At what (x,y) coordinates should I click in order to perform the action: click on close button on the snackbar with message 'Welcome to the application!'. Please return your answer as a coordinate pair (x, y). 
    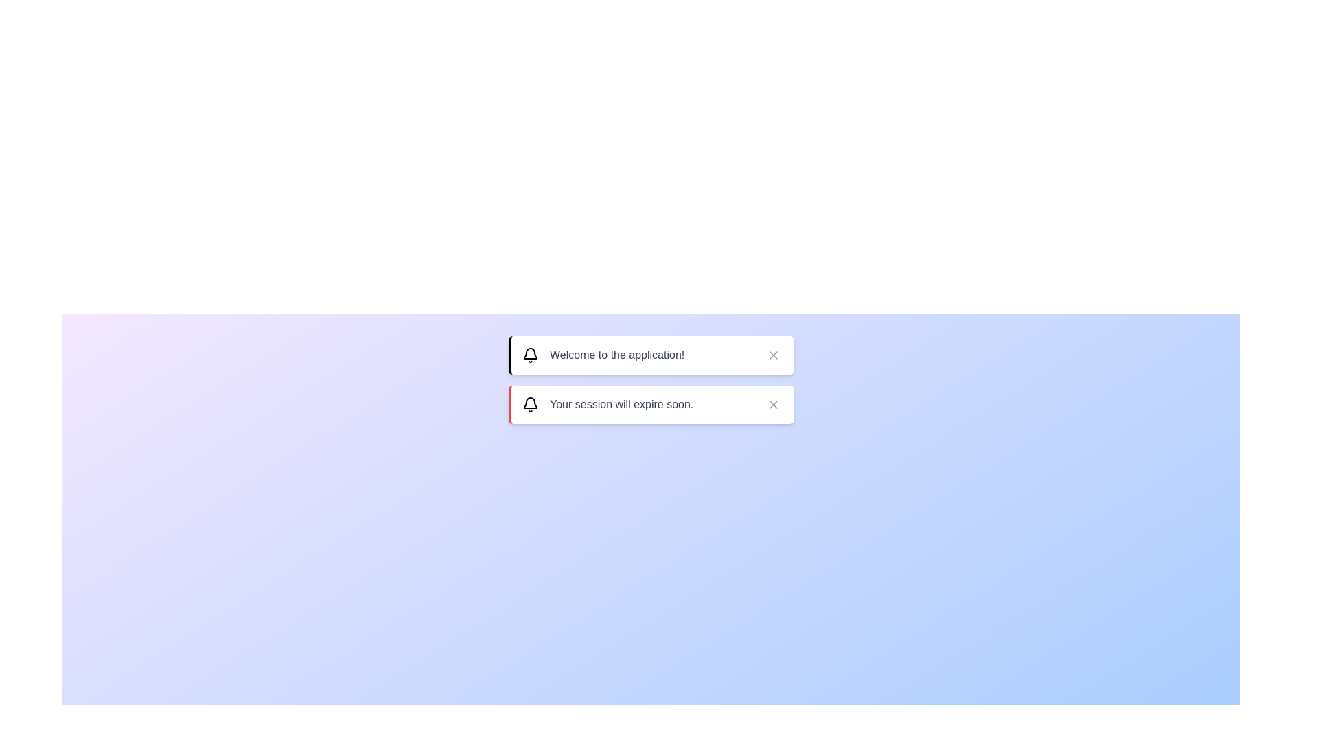
    Looking at the image, I should click on (774, 354).